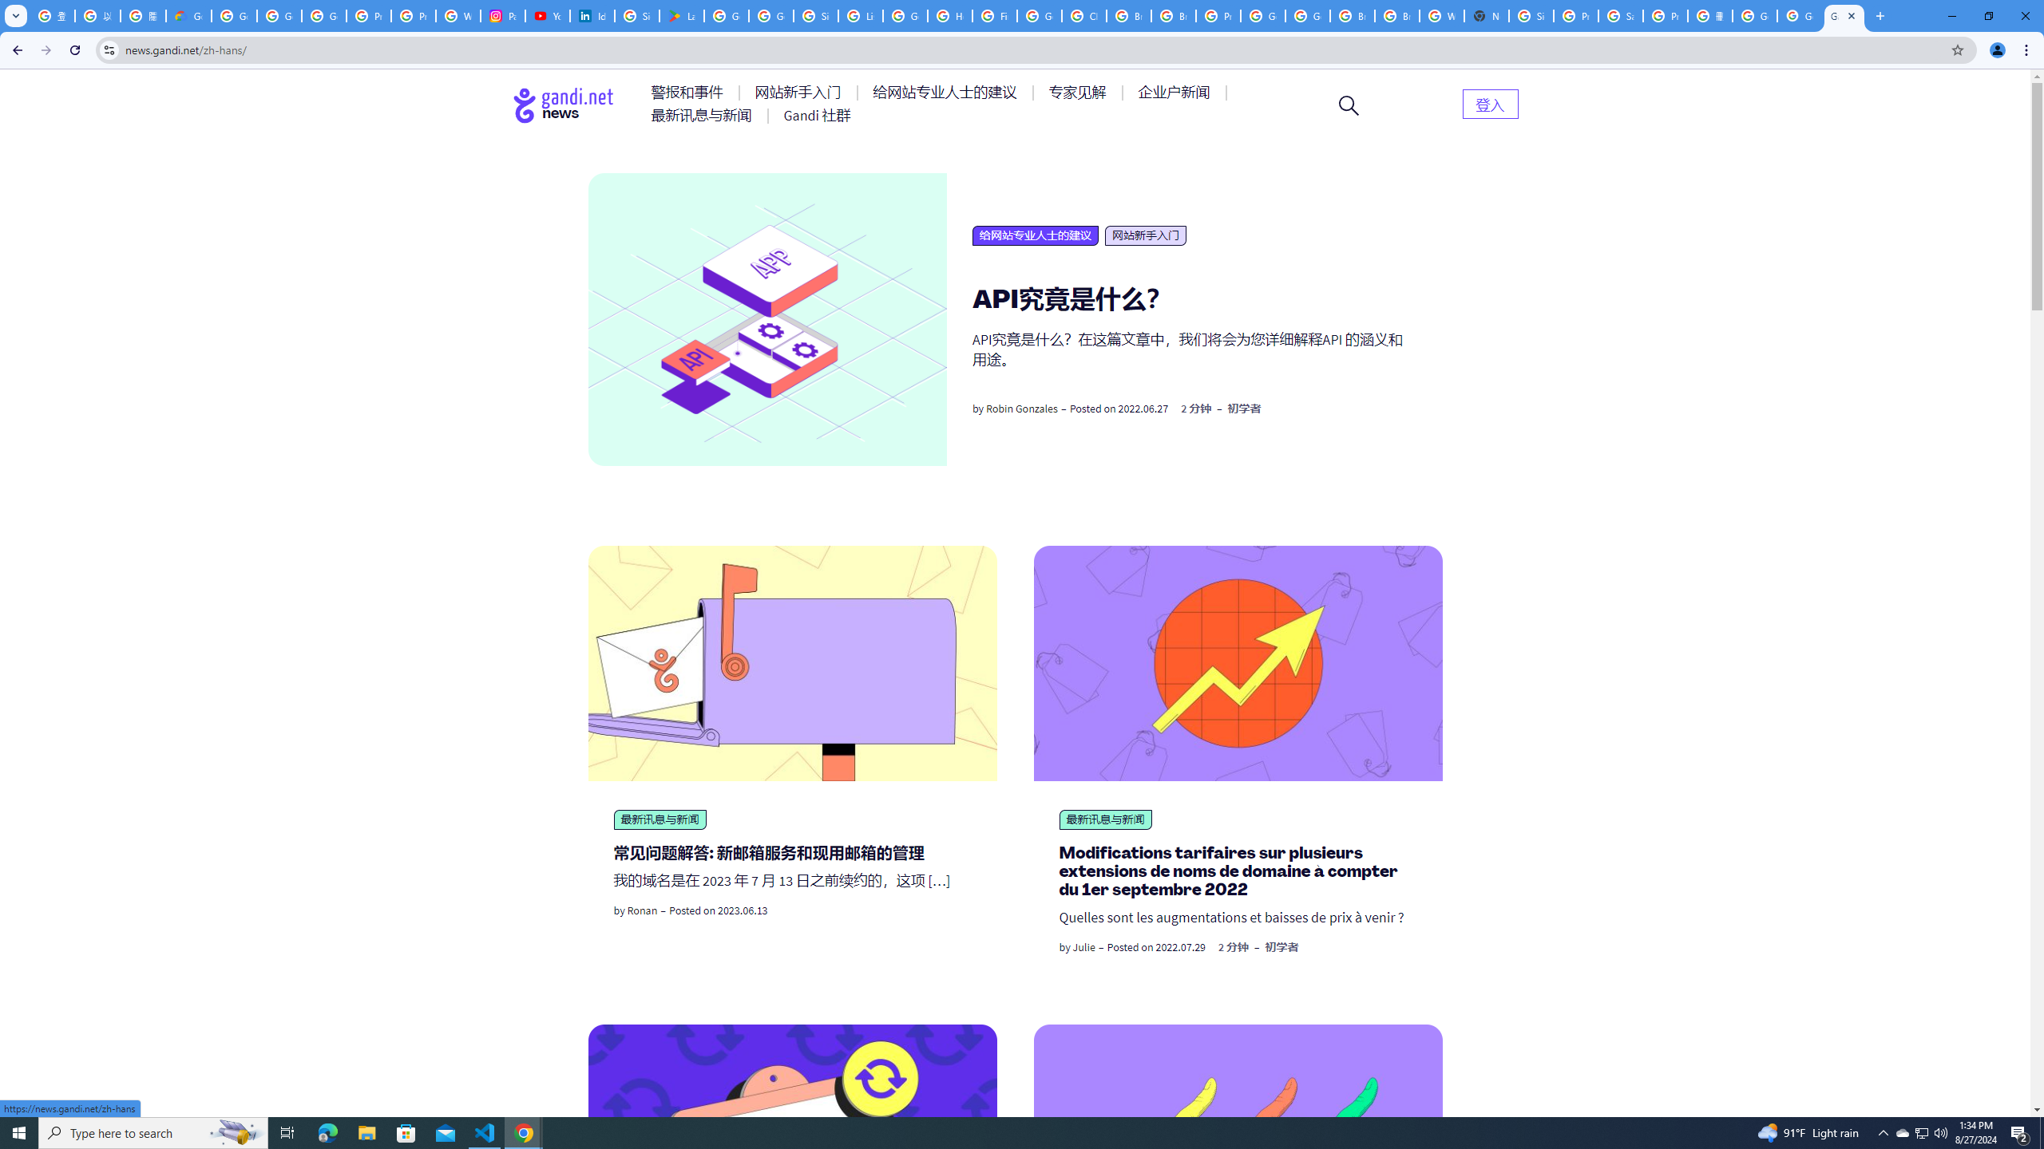 The image size is (2044, 1149). Describe the element at coordinates (563, 105) in the screenshot. I see `'Go to home'` at that location.